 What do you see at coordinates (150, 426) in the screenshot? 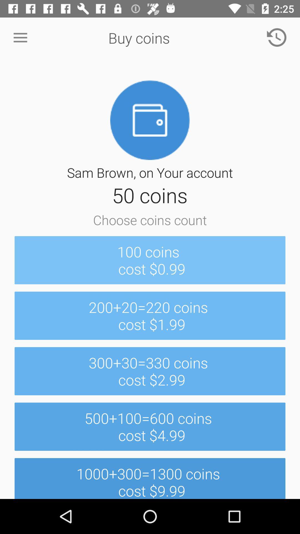
I see `500 100 600 icon` at bounding box center [150, 426].